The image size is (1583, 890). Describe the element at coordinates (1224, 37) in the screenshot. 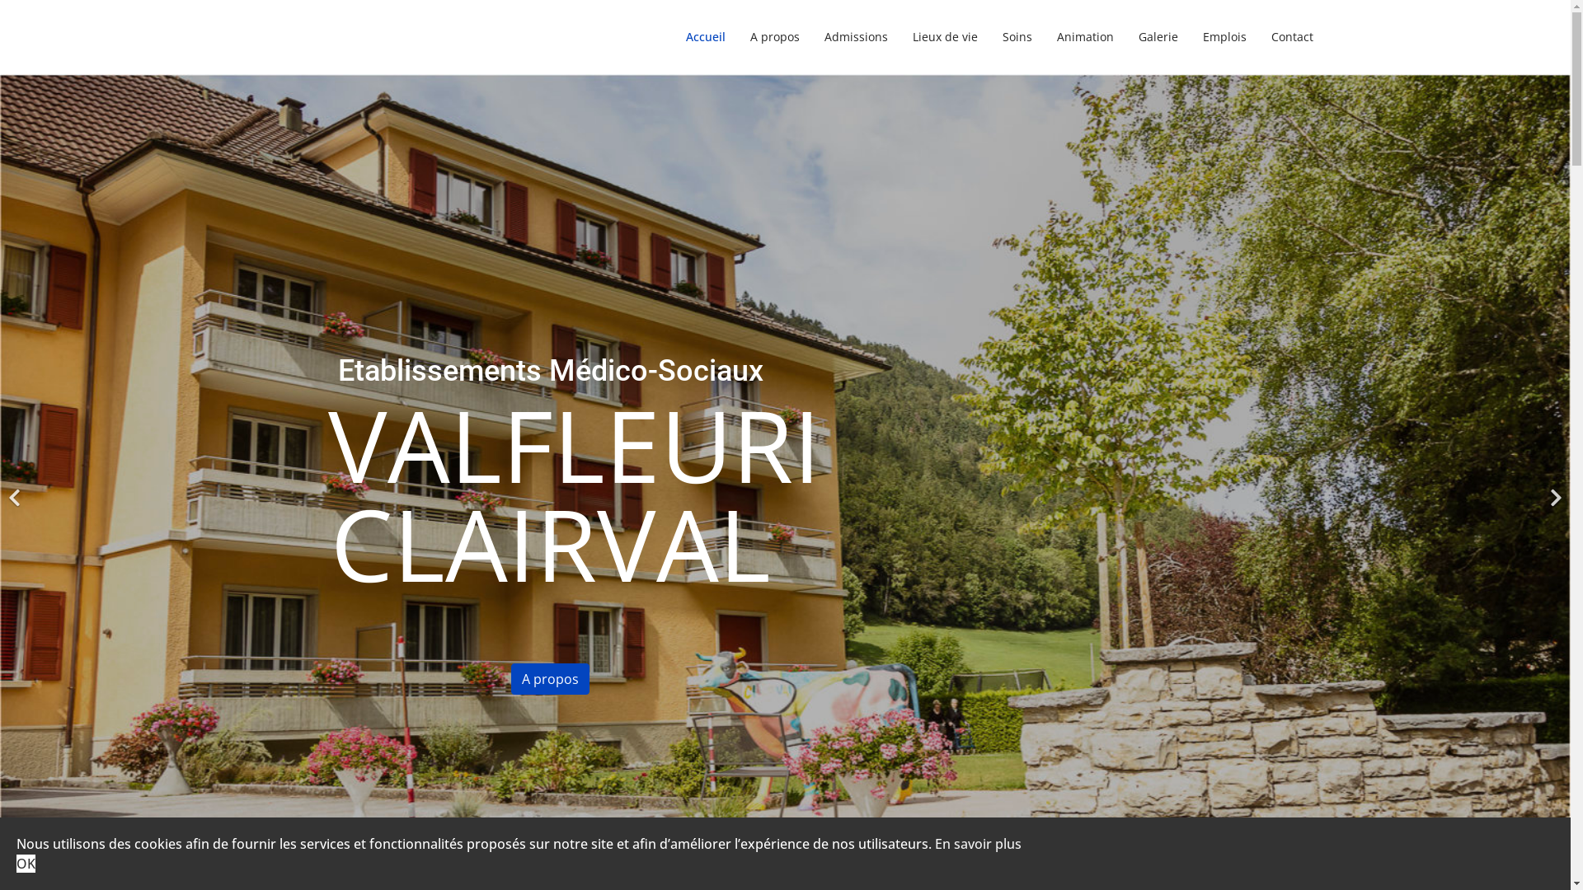

I see `'Emplois'` at that location.